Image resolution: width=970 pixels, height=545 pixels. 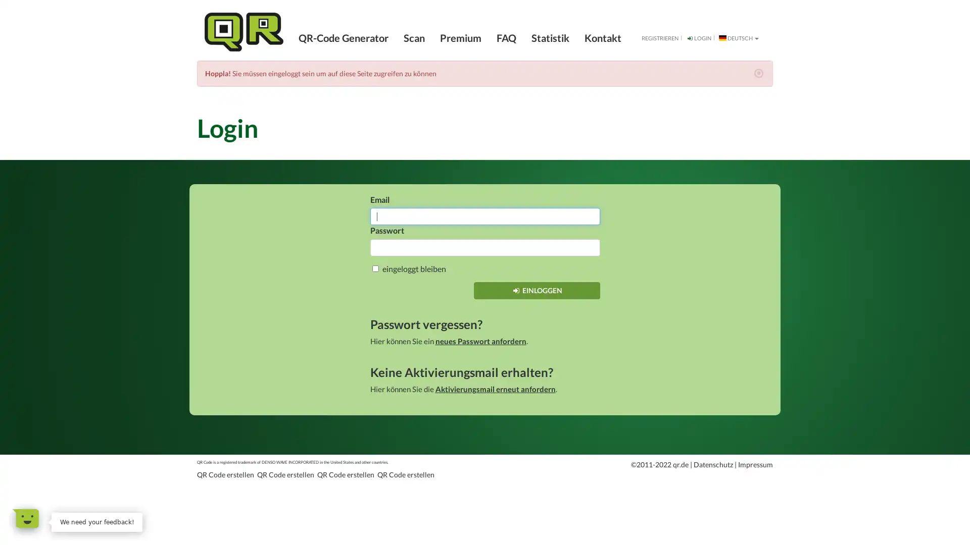 What do you see at coordinates (536, 290) in the screenshot?
I see `EINLOGGEN` at bounding box center [536, 290].